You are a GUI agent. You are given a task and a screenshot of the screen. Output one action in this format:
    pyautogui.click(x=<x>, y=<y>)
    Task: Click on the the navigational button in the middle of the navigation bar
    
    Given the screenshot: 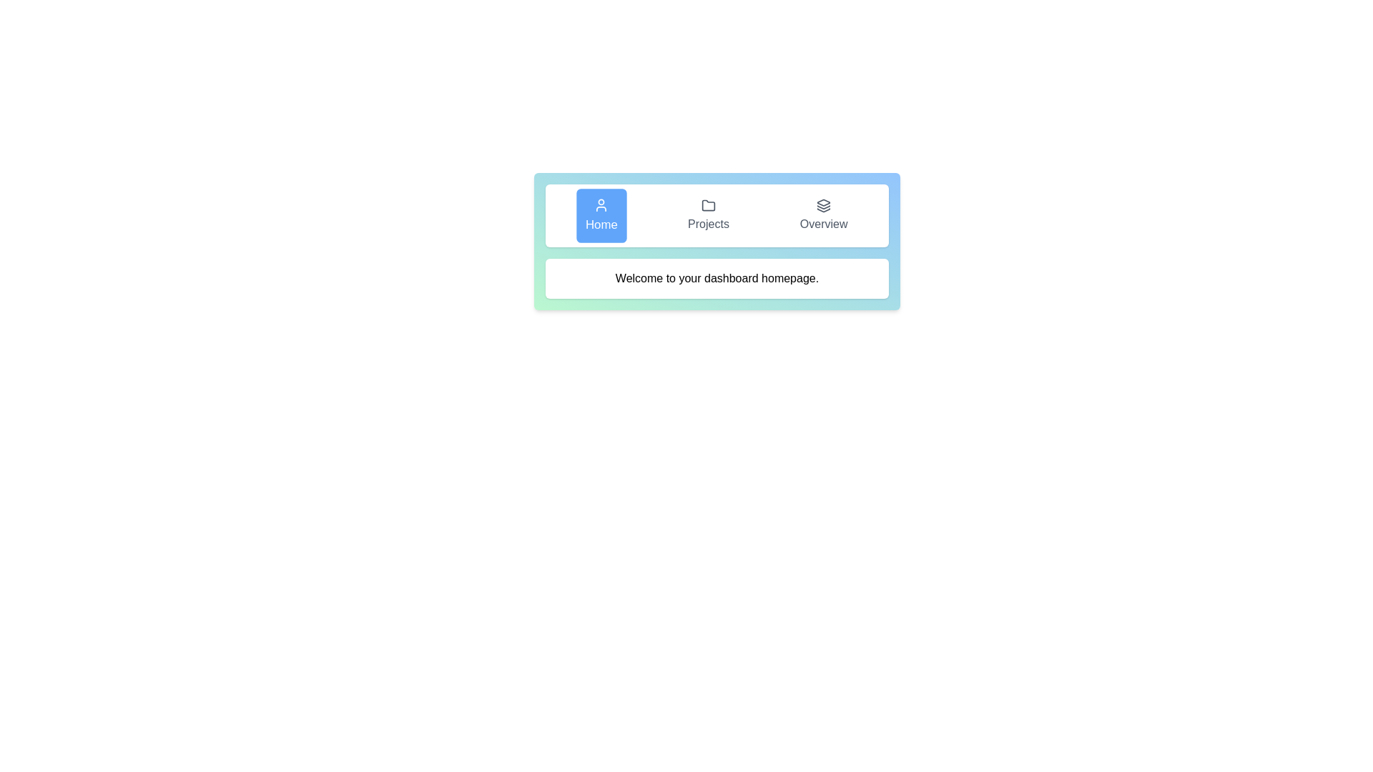 What is the action you would take?
    pyautogui.click(x=708, y=215)
    